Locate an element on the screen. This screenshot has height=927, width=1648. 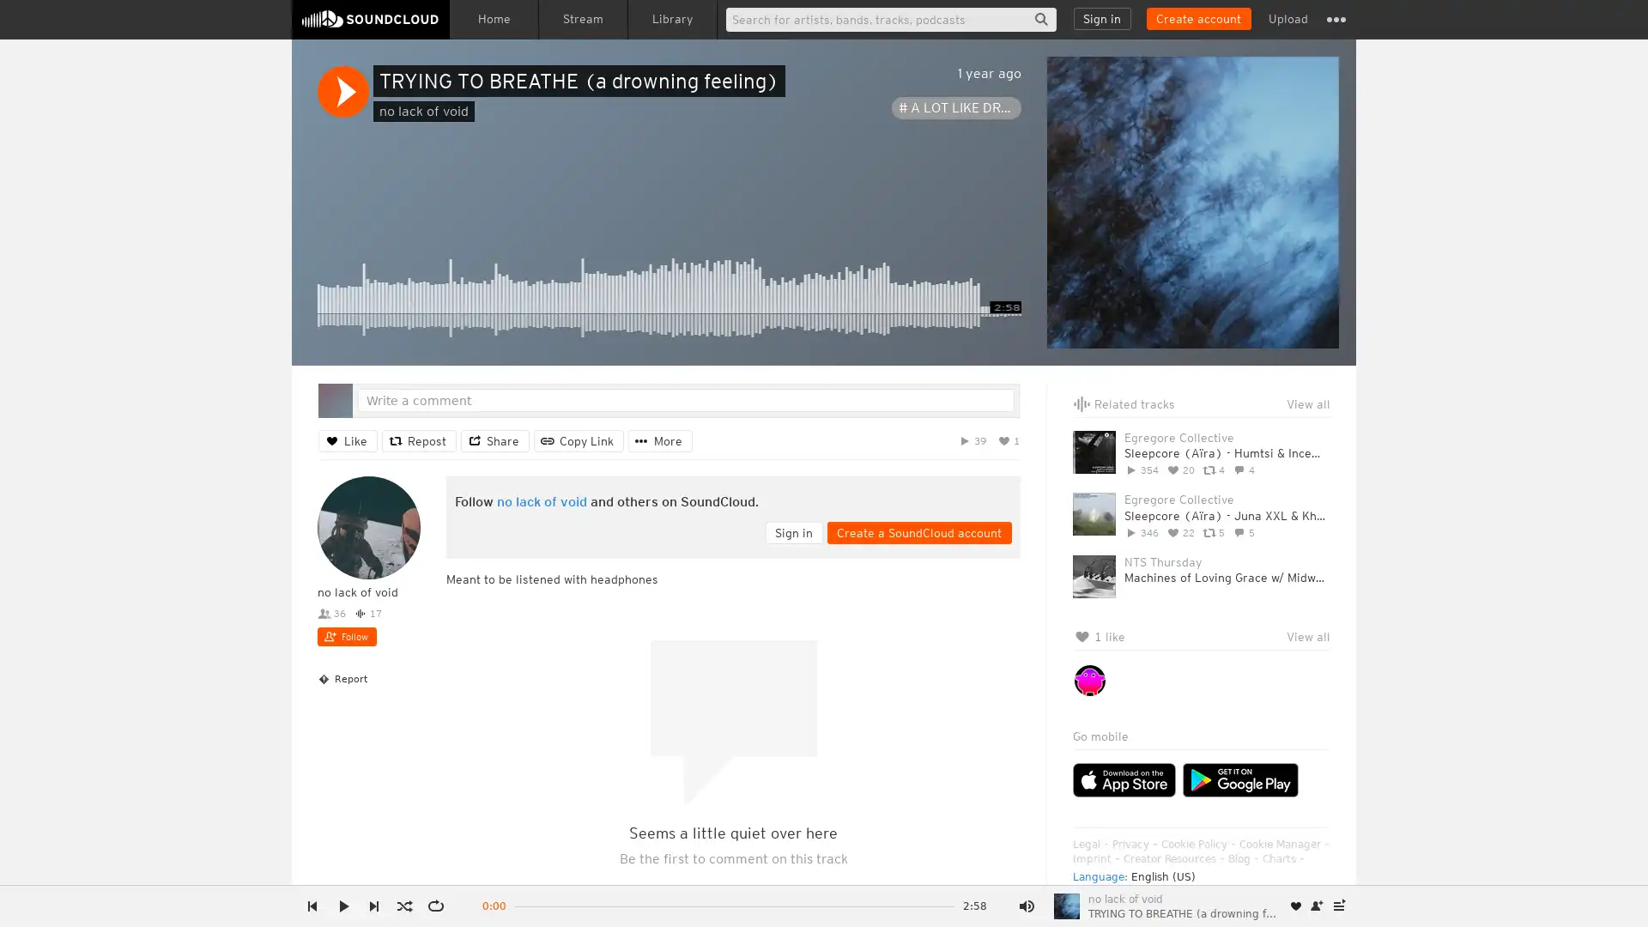
Sign in is located at coordinates (1102, 19).